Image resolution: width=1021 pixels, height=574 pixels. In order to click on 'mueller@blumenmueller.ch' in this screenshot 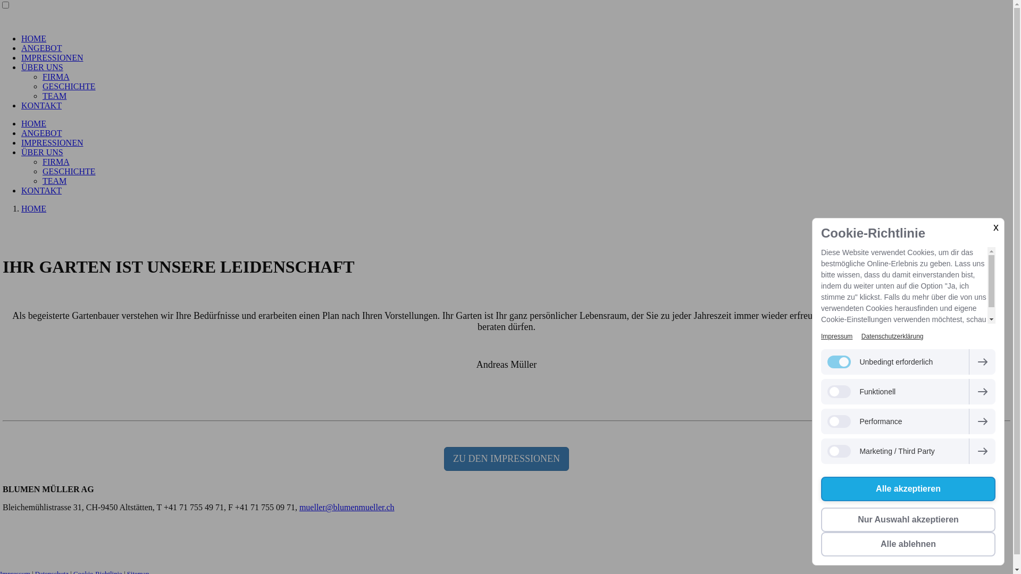, I will do `click(347, 507)`.